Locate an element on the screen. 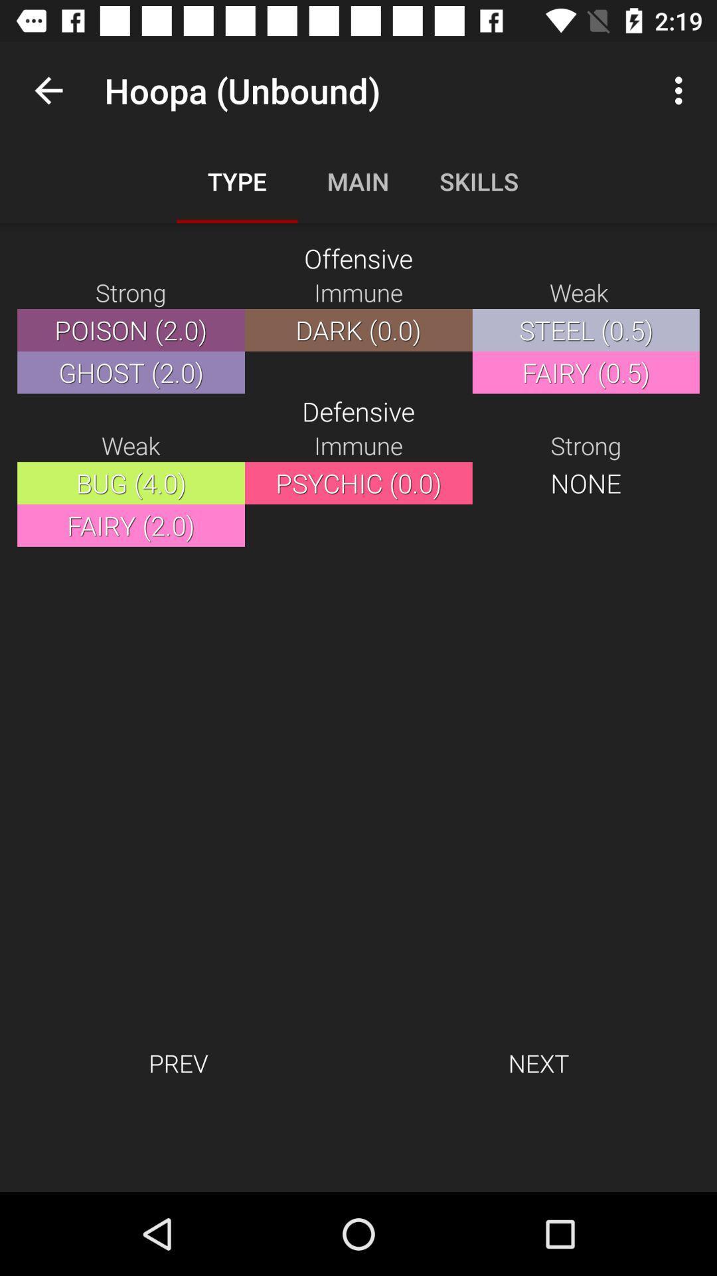  item next to the hoopa (unbound) app is located at coordinates (682, 90).